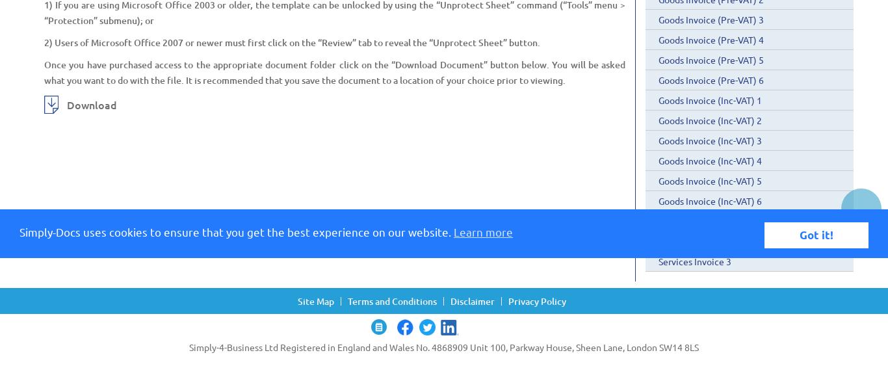 This screenshot has height=392, width=888. Describe the element at coordinates (454, 231) in the screenshot. I see `'Learn more'` at that location.